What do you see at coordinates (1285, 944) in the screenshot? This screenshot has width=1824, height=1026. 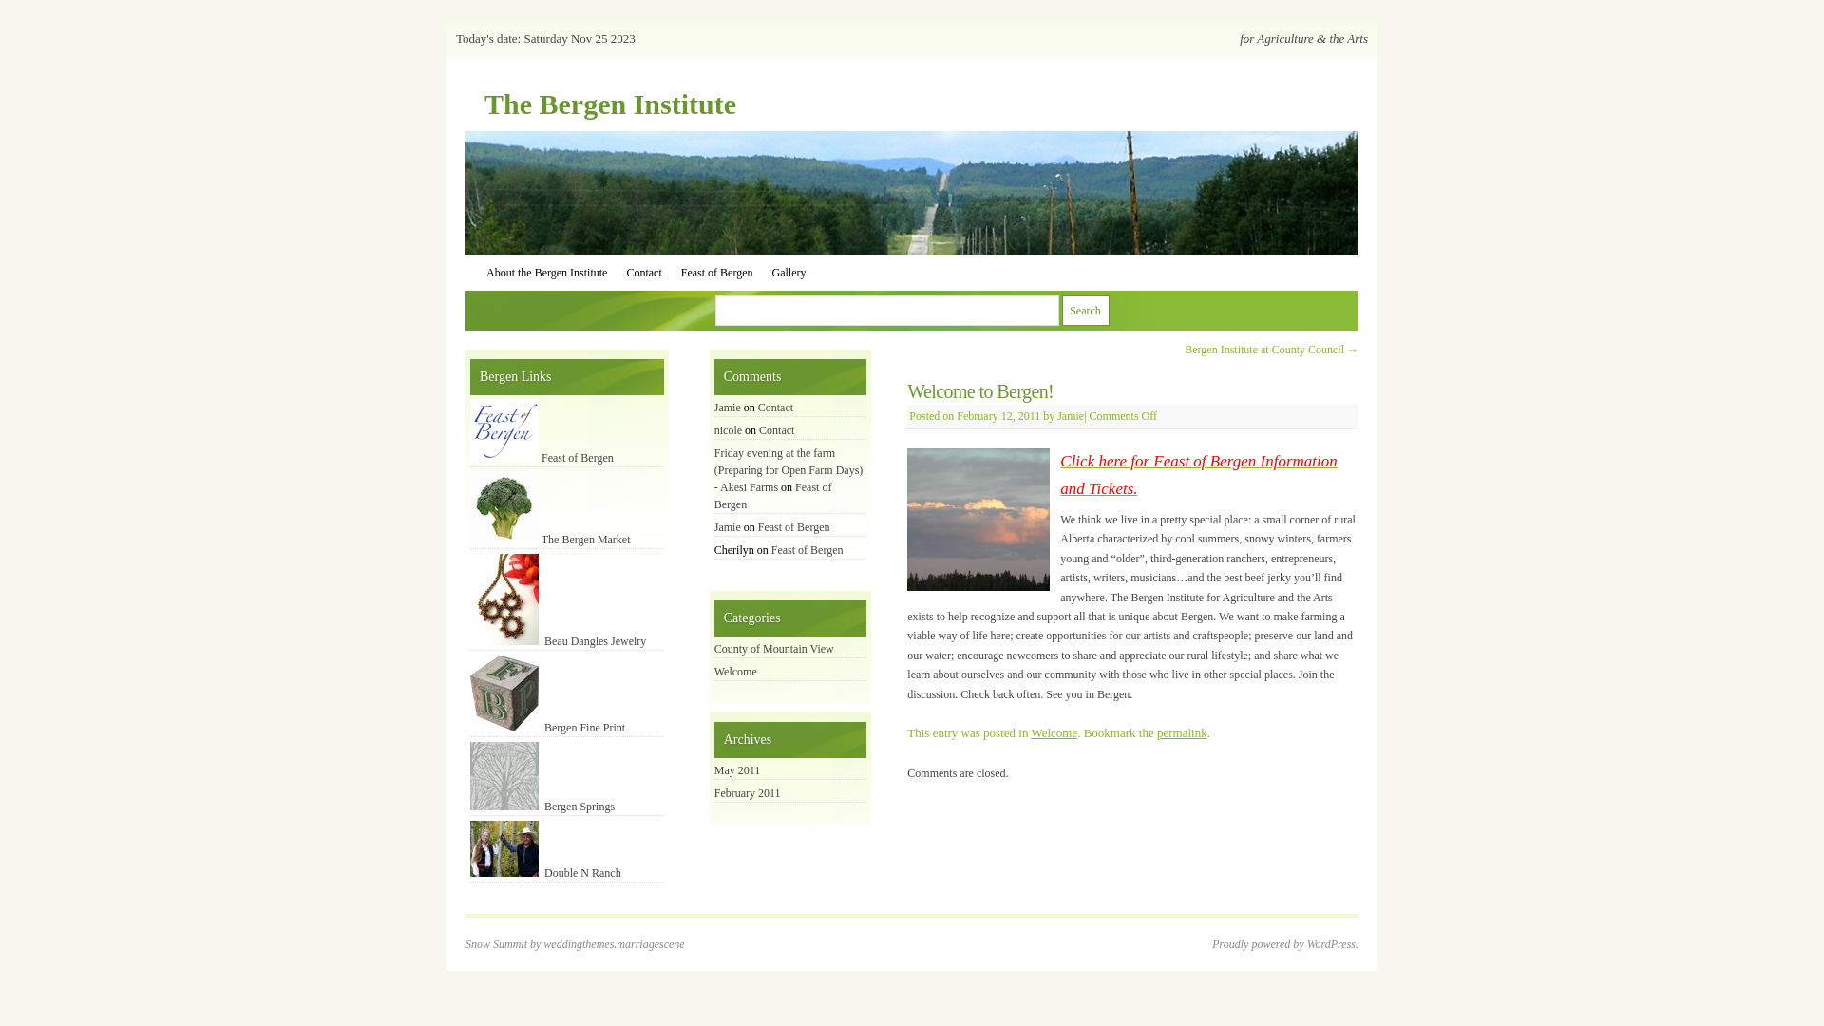 I see `'Proudly powered by WordPress.'` at bounding box center [1285, 944].